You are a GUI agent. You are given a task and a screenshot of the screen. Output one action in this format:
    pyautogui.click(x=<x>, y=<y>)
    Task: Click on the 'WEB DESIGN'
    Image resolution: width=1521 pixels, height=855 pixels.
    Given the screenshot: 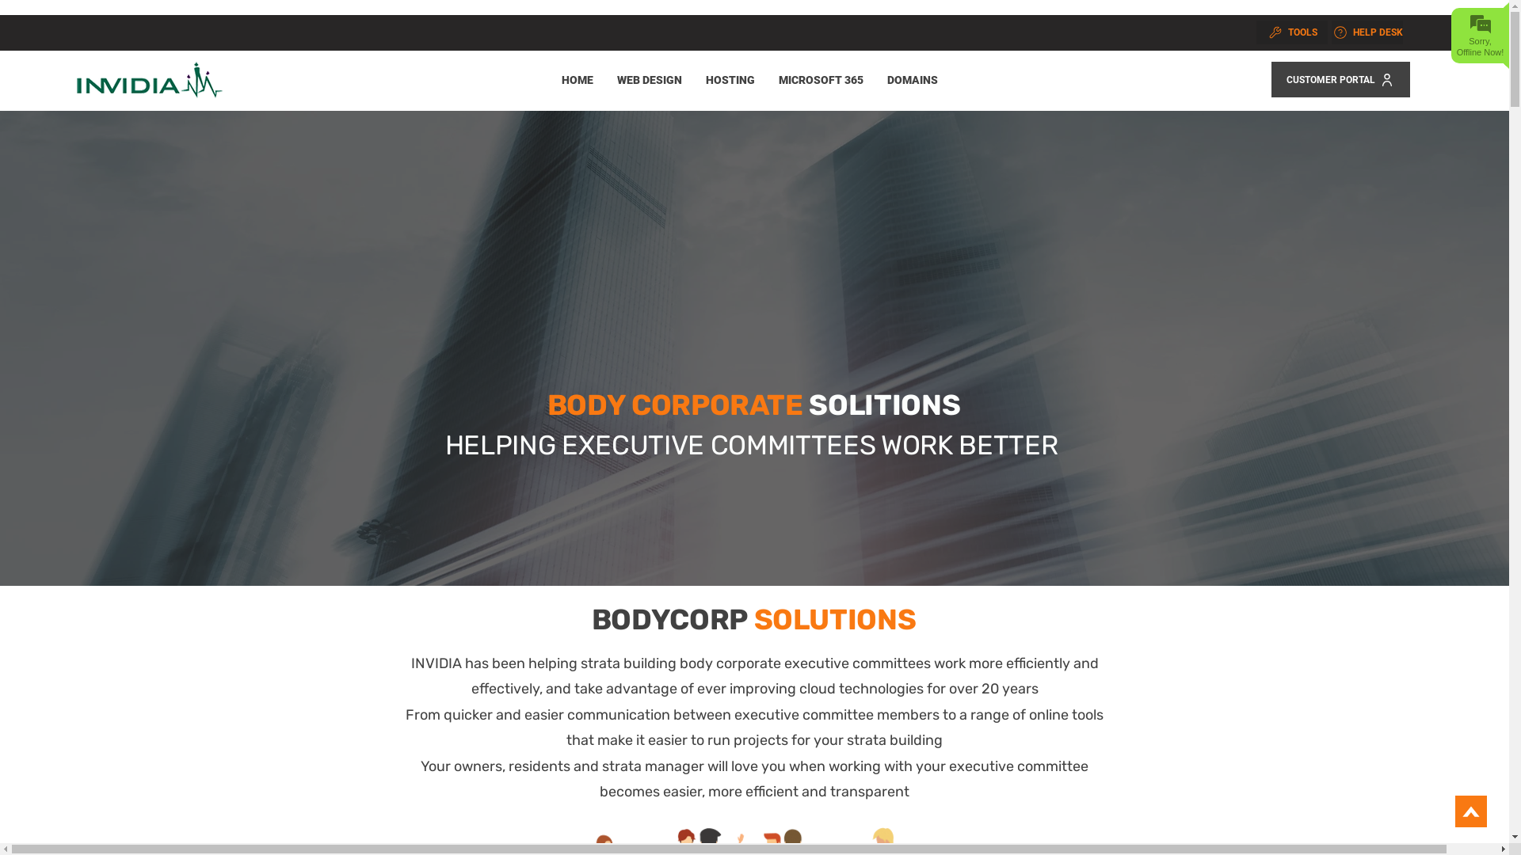 What is the action you would take?
    pyautogui.click(x=650, y=79)
    